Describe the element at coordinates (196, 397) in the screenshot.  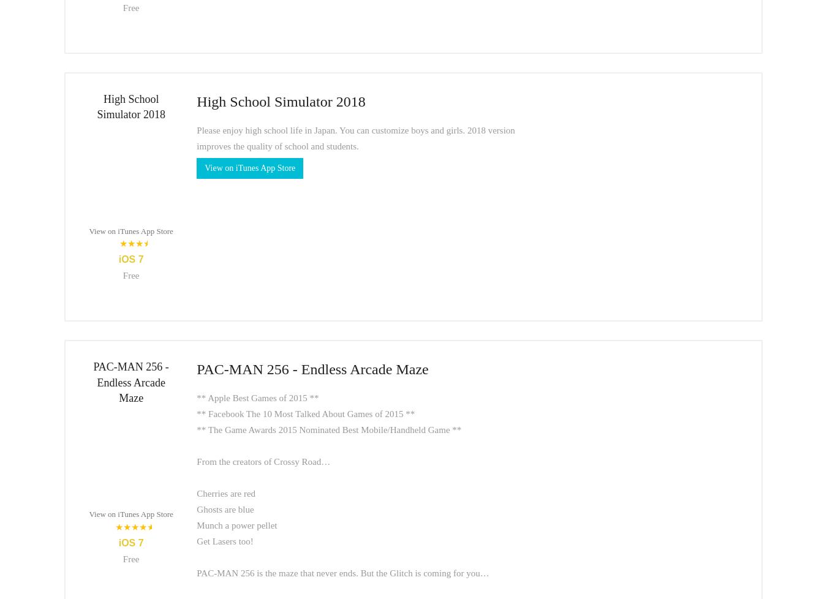
I see `'** Apple Best Games of 2015 **'` at that location.